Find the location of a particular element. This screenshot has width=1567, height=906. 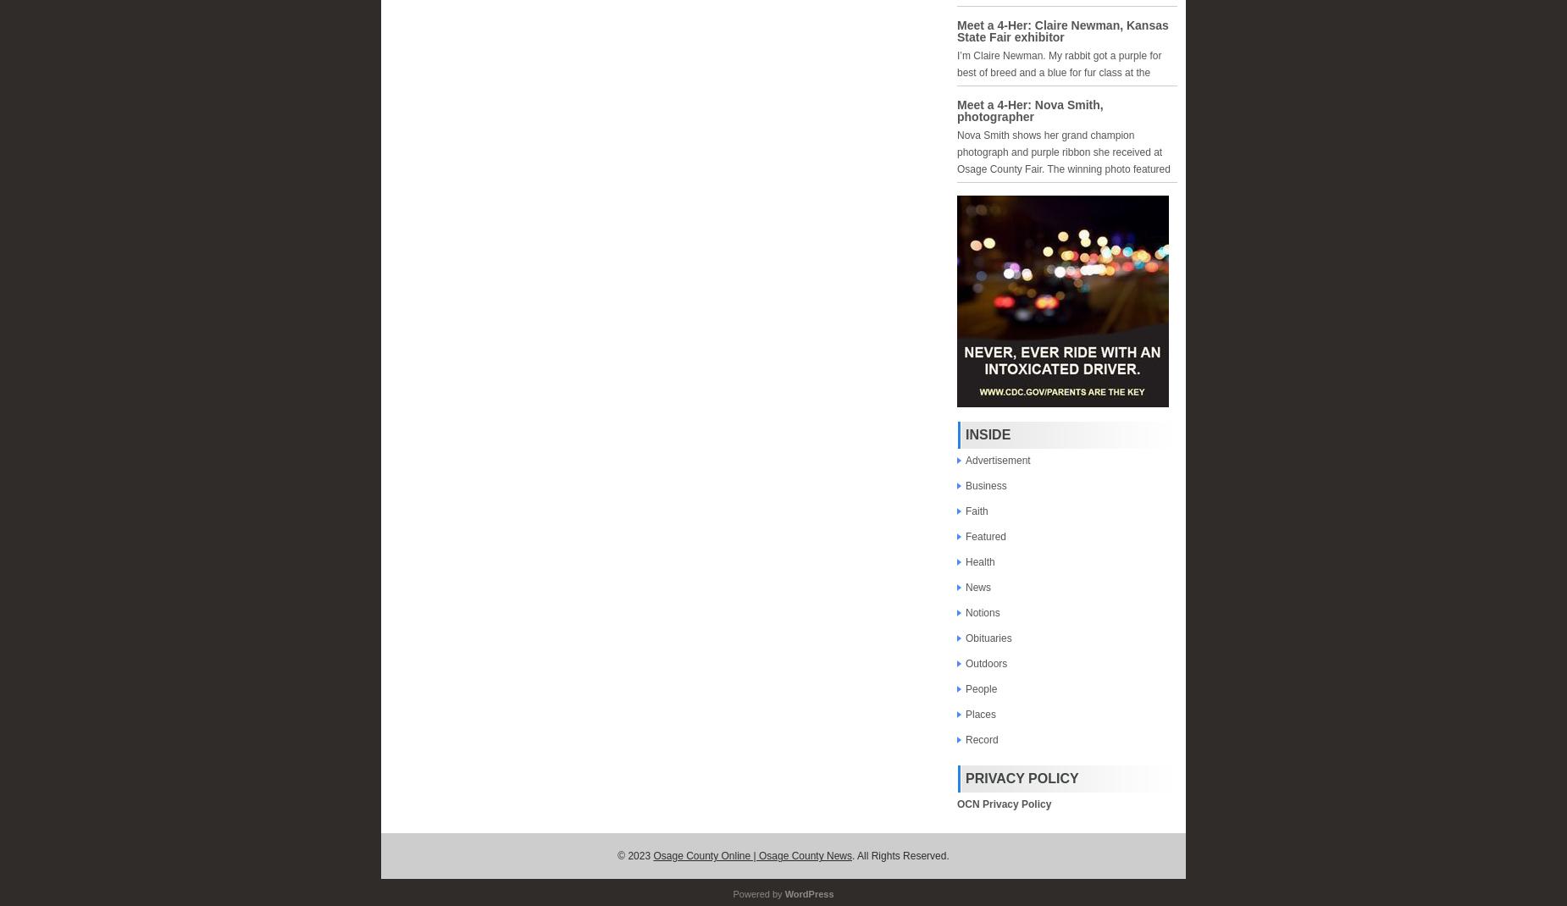

'Meet a 4-Her: Claire Newman, Kansas State Fair exhibitor' is located at coordinates (1061, 30).